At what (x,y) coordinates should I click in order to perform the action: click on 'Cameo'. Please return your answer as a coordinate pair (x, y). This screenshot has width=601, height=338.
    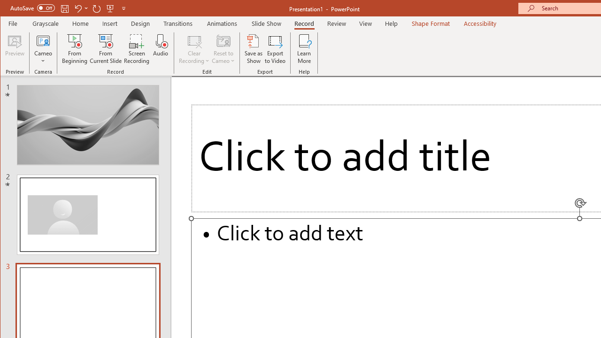
    Looking at the image, I should click on (43, 49).